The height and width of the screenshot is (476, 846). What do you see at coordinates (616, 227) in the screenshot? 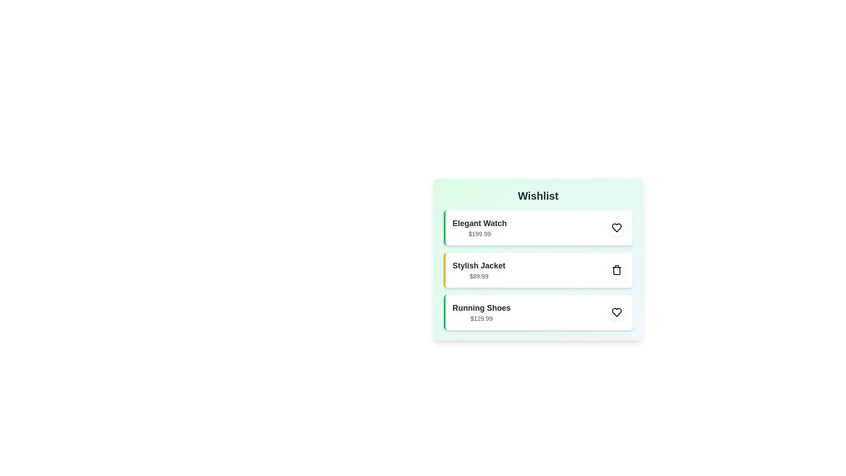
I see `toggle button for the item Elegant Watch to change its wishlist status` at bounding box center [616, 227].